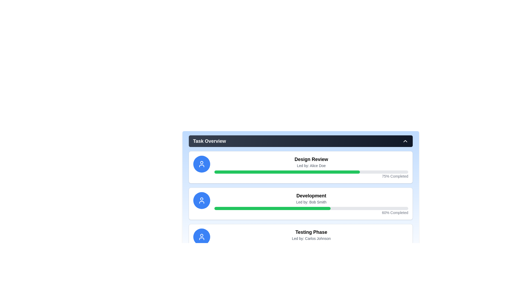  I want to click on circular icon with a blue background and a white user silhouette graphic, located at the top-left part of the project details card, above the title 'Development' and adjacent to a progress bar, so click(201, 200).